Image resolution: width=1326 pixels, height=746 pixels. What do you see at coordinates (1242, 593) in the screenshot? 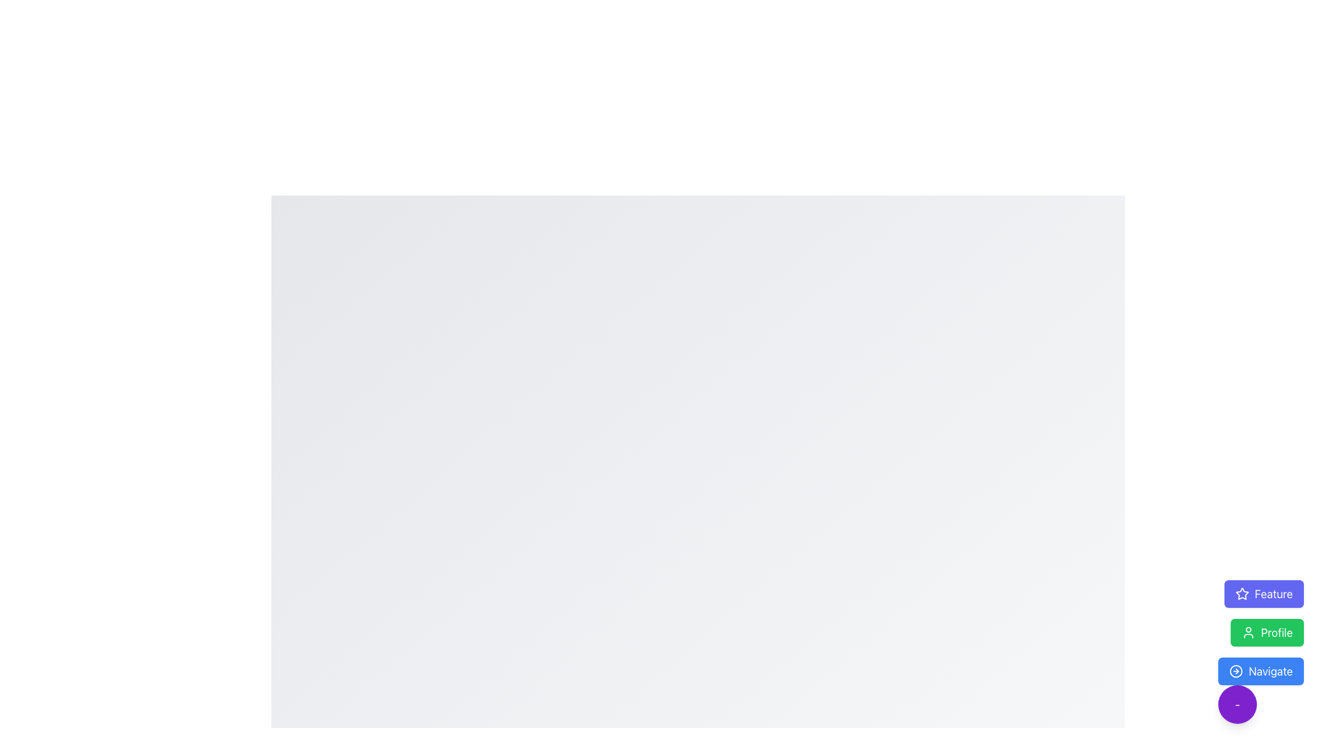
I see `the SVG Icon positioned to the left side of the 'Feature' button in the lower right corner of the page` at bounding box center [1242, 593].